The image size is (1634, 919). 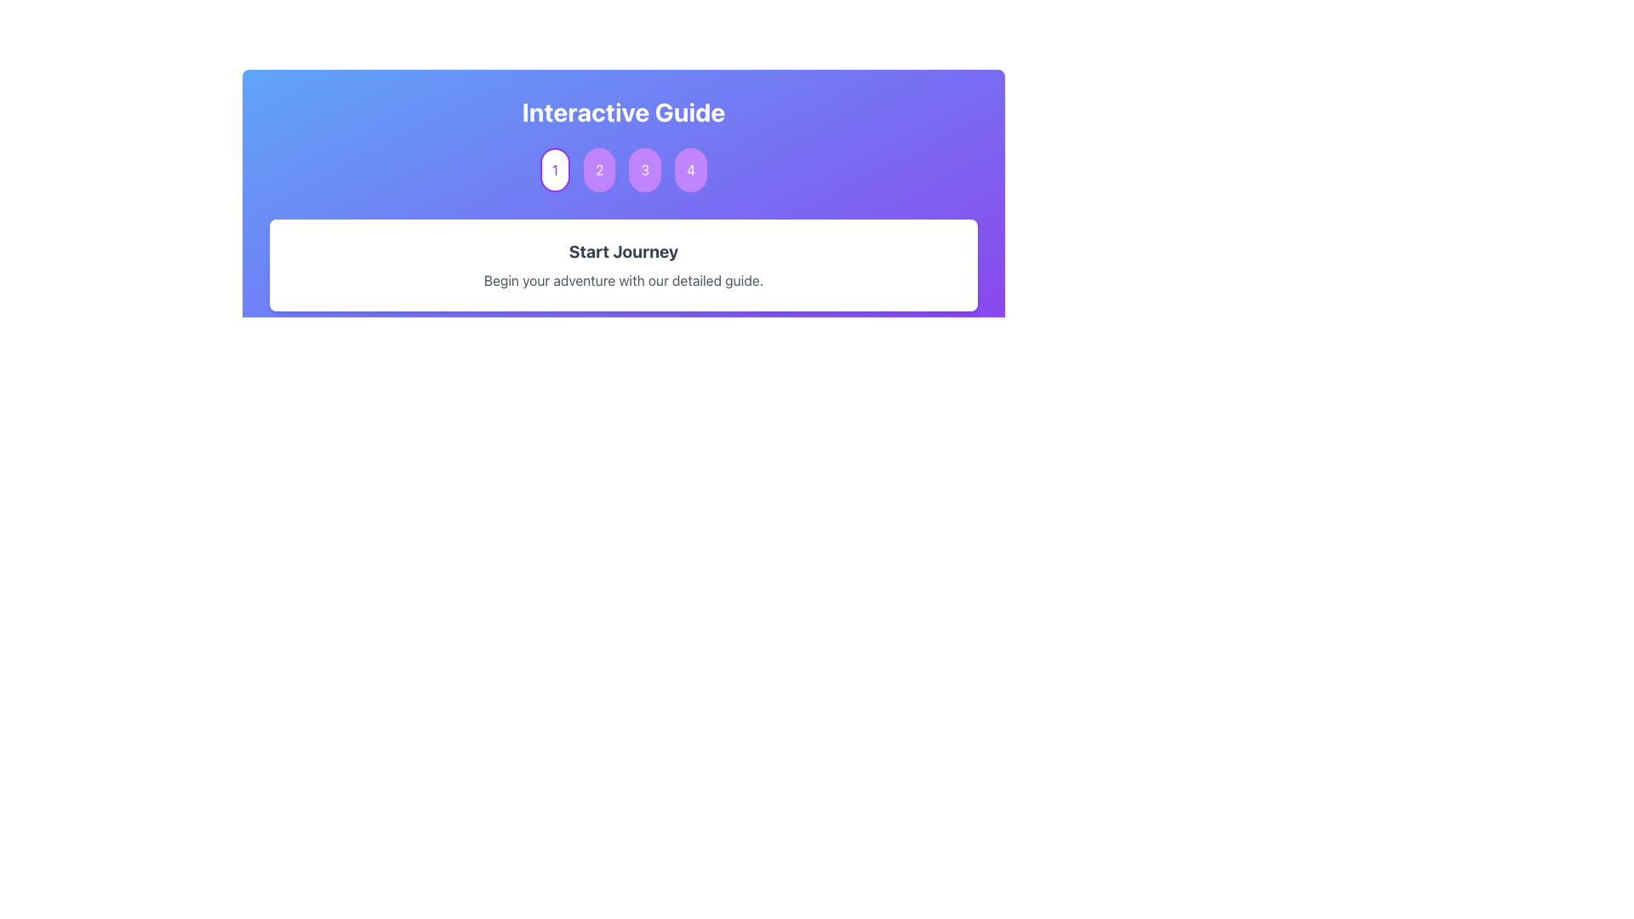 I want to click on the rounded purple button displaying the number 4, which is the fourth button in a row of four under the 'Interactive Guide' heading, so click(x=691, y=170).